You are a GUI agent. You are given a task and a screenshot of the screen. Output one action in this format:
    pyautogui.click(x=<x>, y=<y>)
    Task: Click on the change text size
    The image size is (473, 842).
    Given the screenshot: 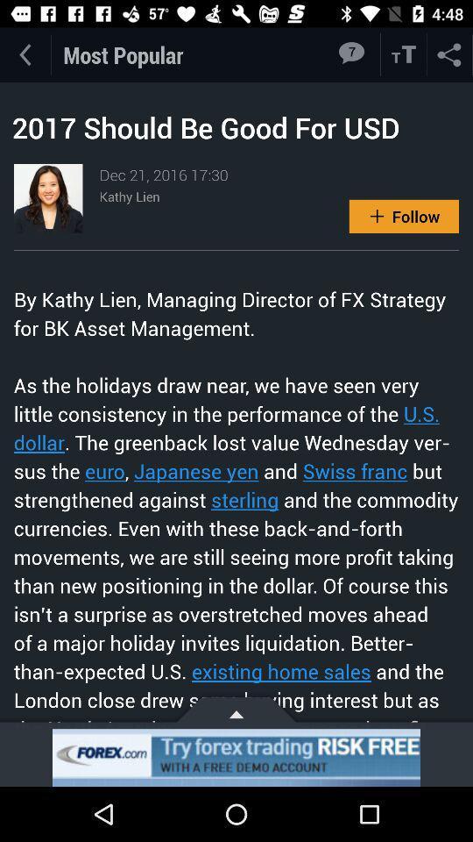 What is the action you would take?
    pyautogui.click(x=404, y=54)
    